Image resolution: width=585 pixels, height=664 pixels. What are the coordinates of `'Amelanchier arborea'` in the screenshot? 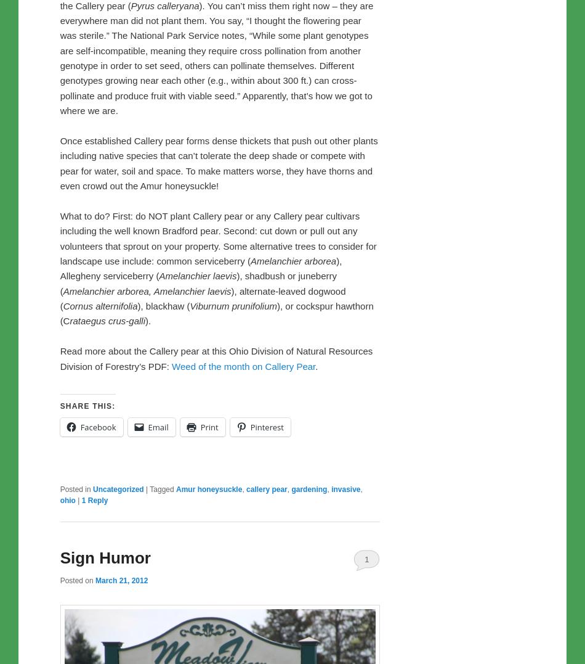 It's located at (293, 260).